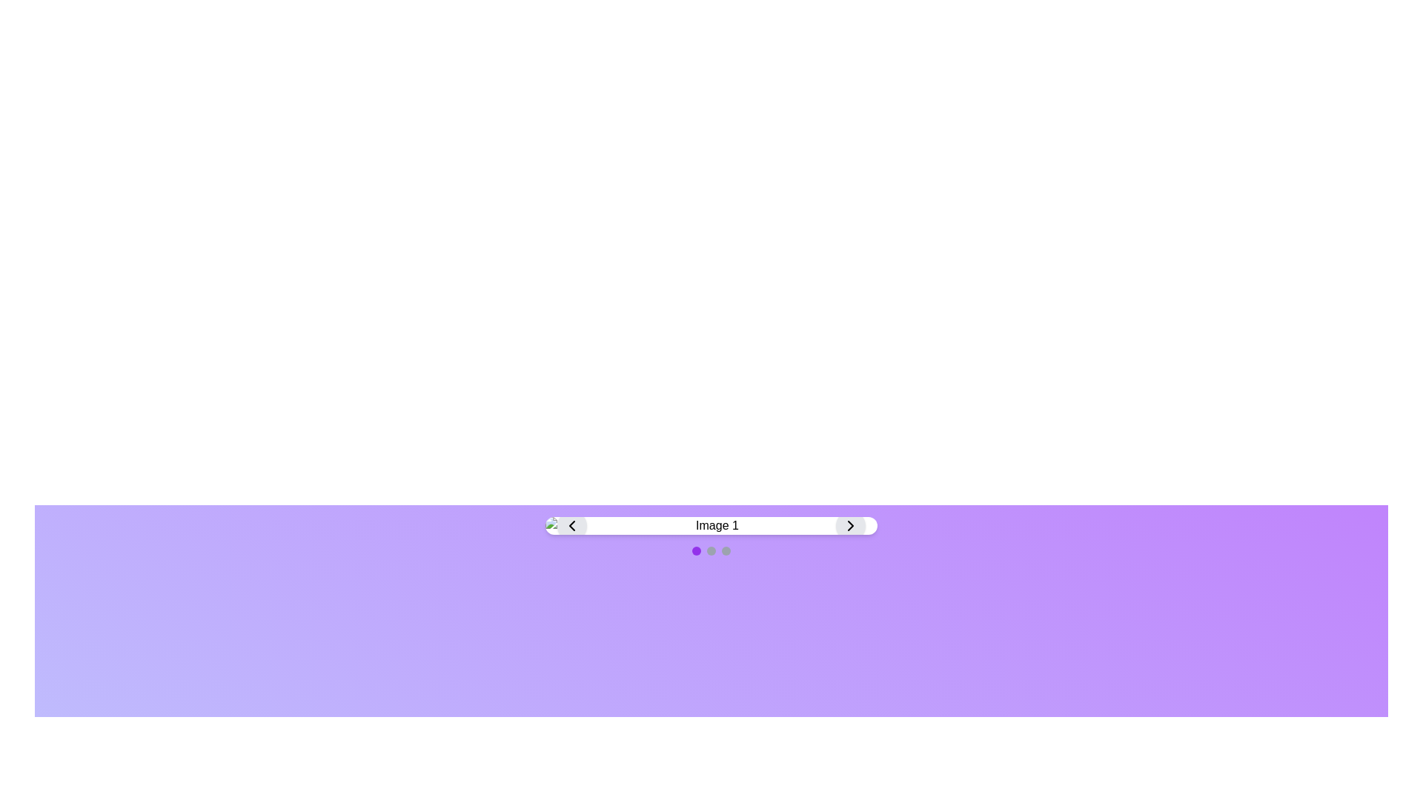  What do you see at coordinates (711, 551) in the screenshot?
I see `the active state of the Carousel indicator, which consists of three small circular indicators, to identify the current page` at bounding box center [711, 551].